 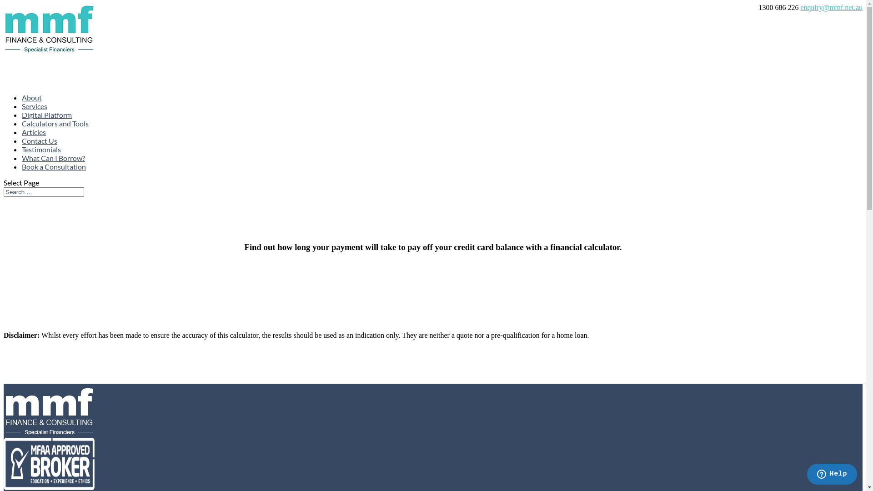 What do you see at coordinates (807, 475) in the screenshot?
I see `'Opens a widget where you can find more information'` at bounding box center [807, 475].